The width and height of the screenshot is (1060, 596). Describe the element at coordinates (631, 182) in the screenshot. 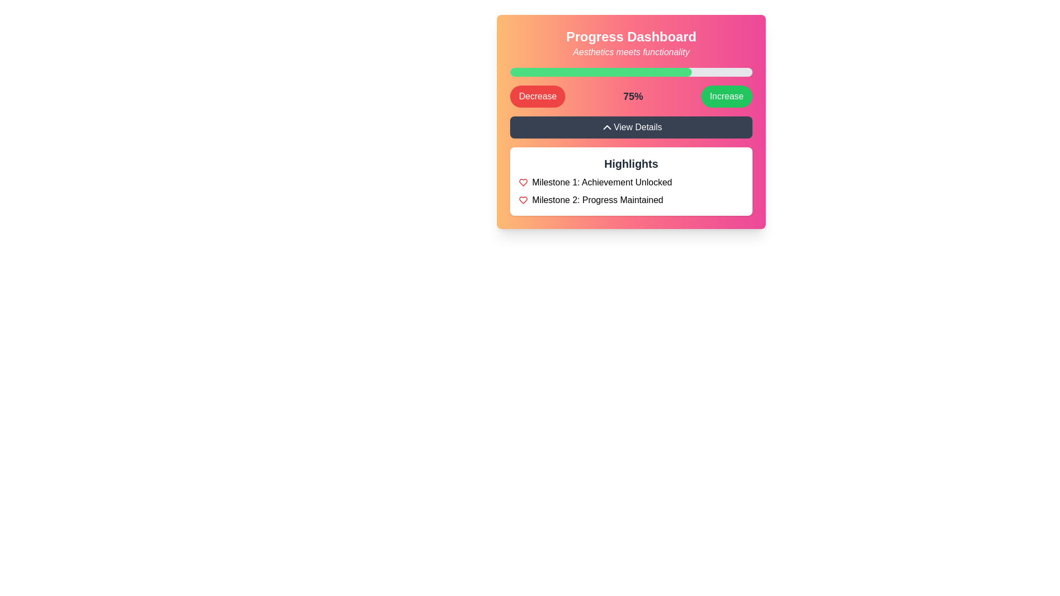

I see `the label 'Milestone 1: Achievement Unlocked' next to the red heart-shaped icon to interact with the milestone` at that location.